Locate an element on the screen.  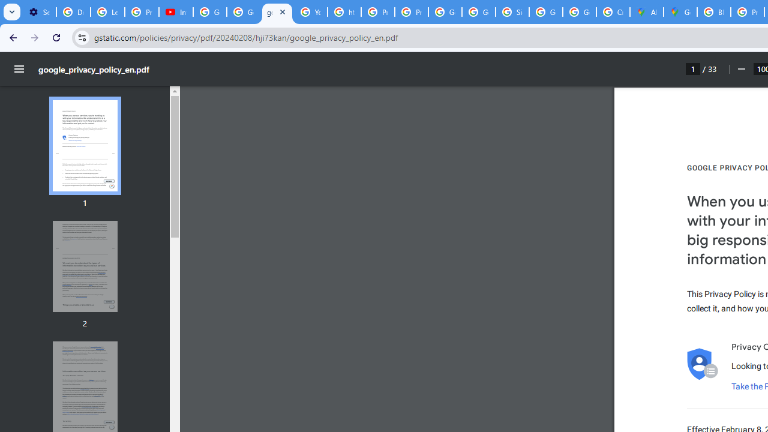
'Delete photos & videos - Computer - Google Photos Help' is located at coordinates (73, 12).